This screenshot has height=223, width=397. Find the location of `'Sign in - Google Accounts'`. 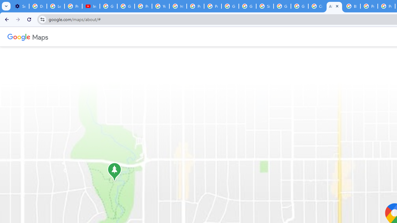

'Sign in - Google Accounts' is located at coordinates (265, 6).